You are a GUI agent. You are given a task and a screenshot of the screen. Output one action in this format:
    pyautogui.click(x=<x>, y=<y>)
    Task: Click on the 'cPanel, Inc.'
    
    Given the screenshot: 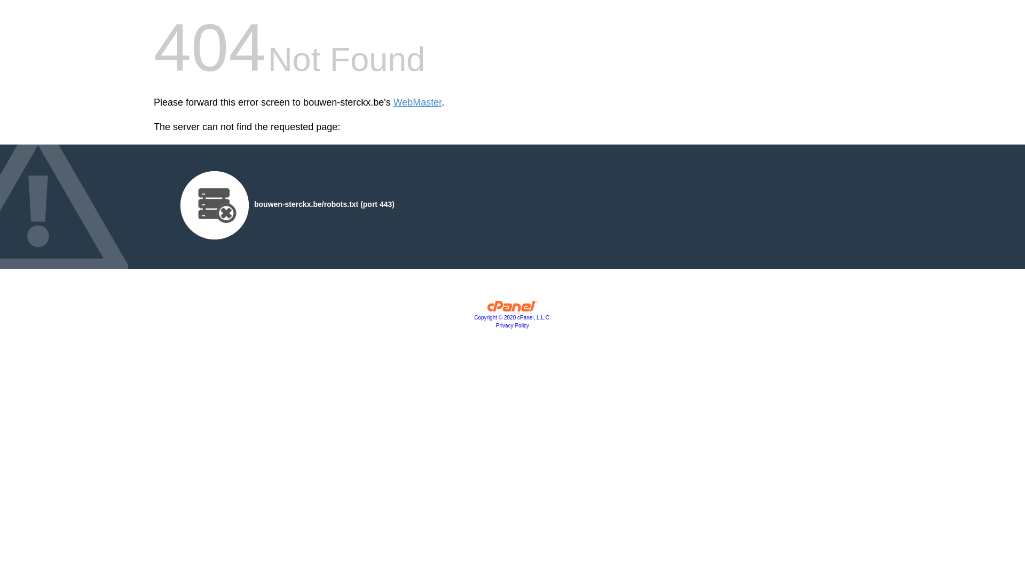 What is the action you would take?
    pyautogui.click(x=512, y=308)
    